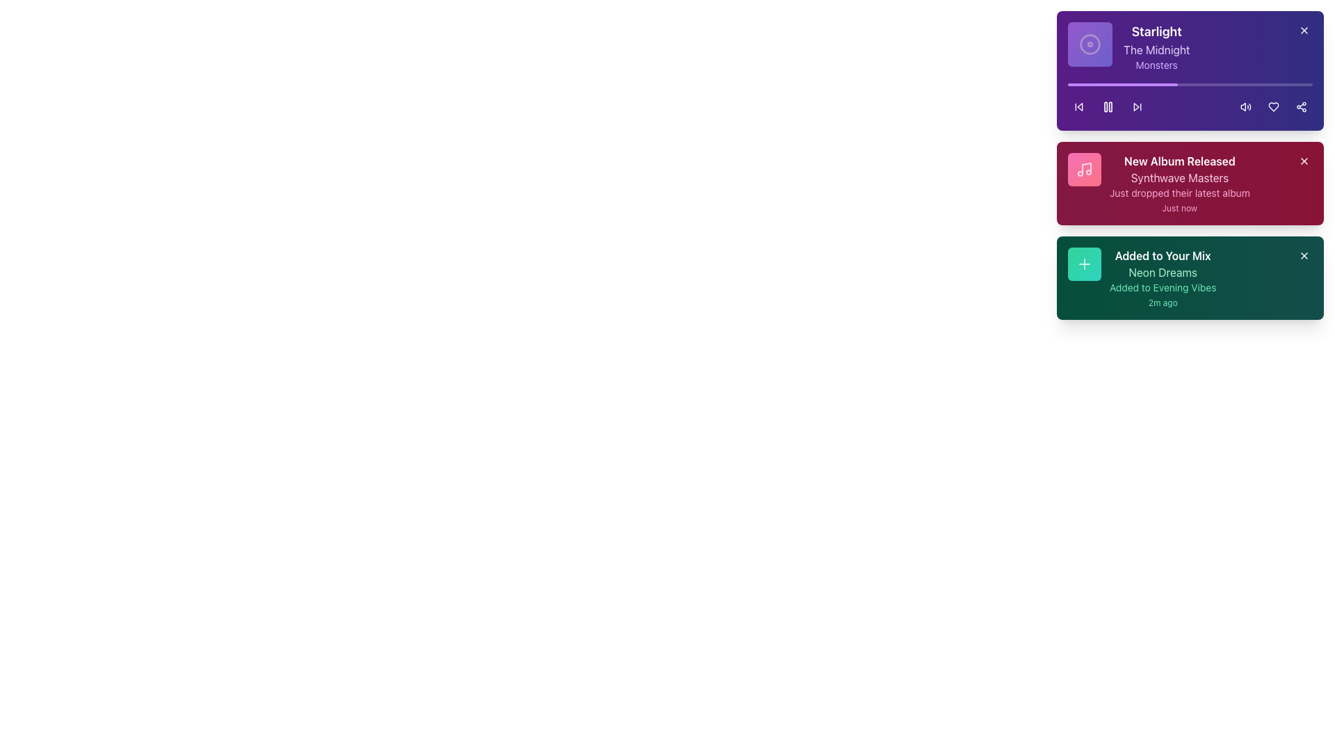  Describe the element at coordinates (1274, 106) in the screenshot. I see `the hollow heart-shaped interactive icon in the 'Starlight' card` at that location.